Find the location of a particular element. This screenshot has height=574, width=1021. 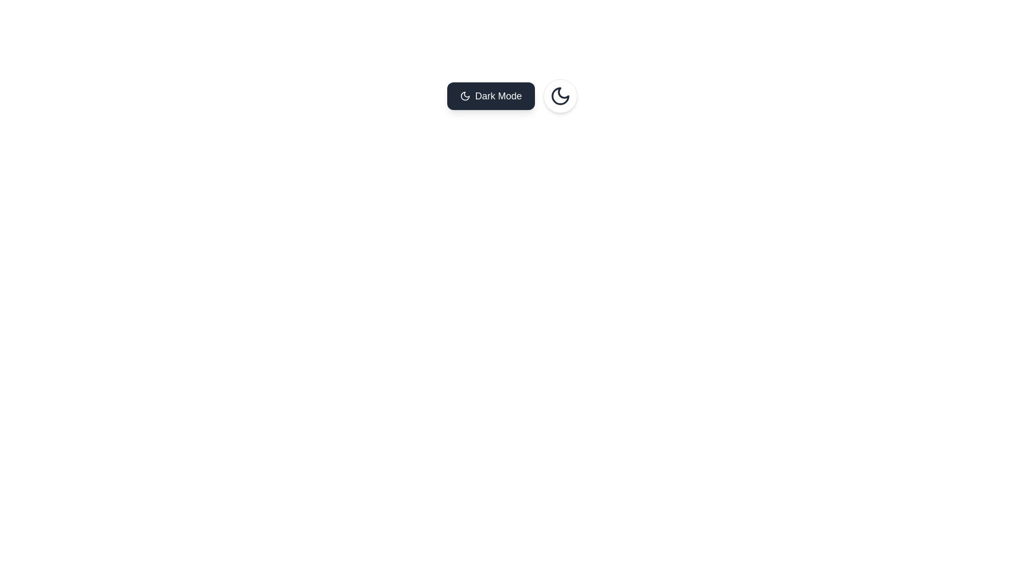

the decorative icon representing the 'Dark Mode' functionality, located to the left of the 'Dark Mode' text in the upper-central button is located at coordinates (465, 96).